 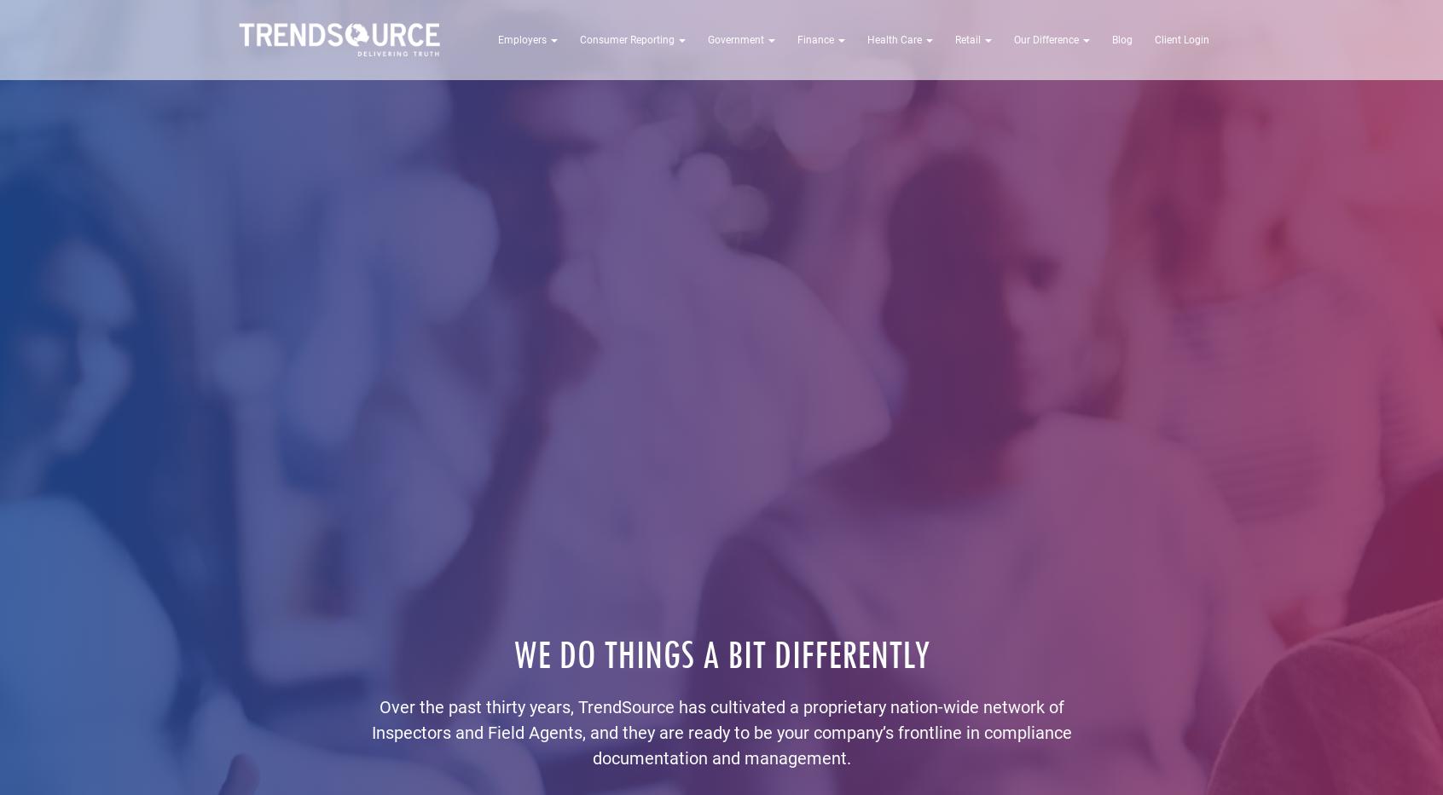 I want to click on 'Blog', so click(x=1111, y=39).